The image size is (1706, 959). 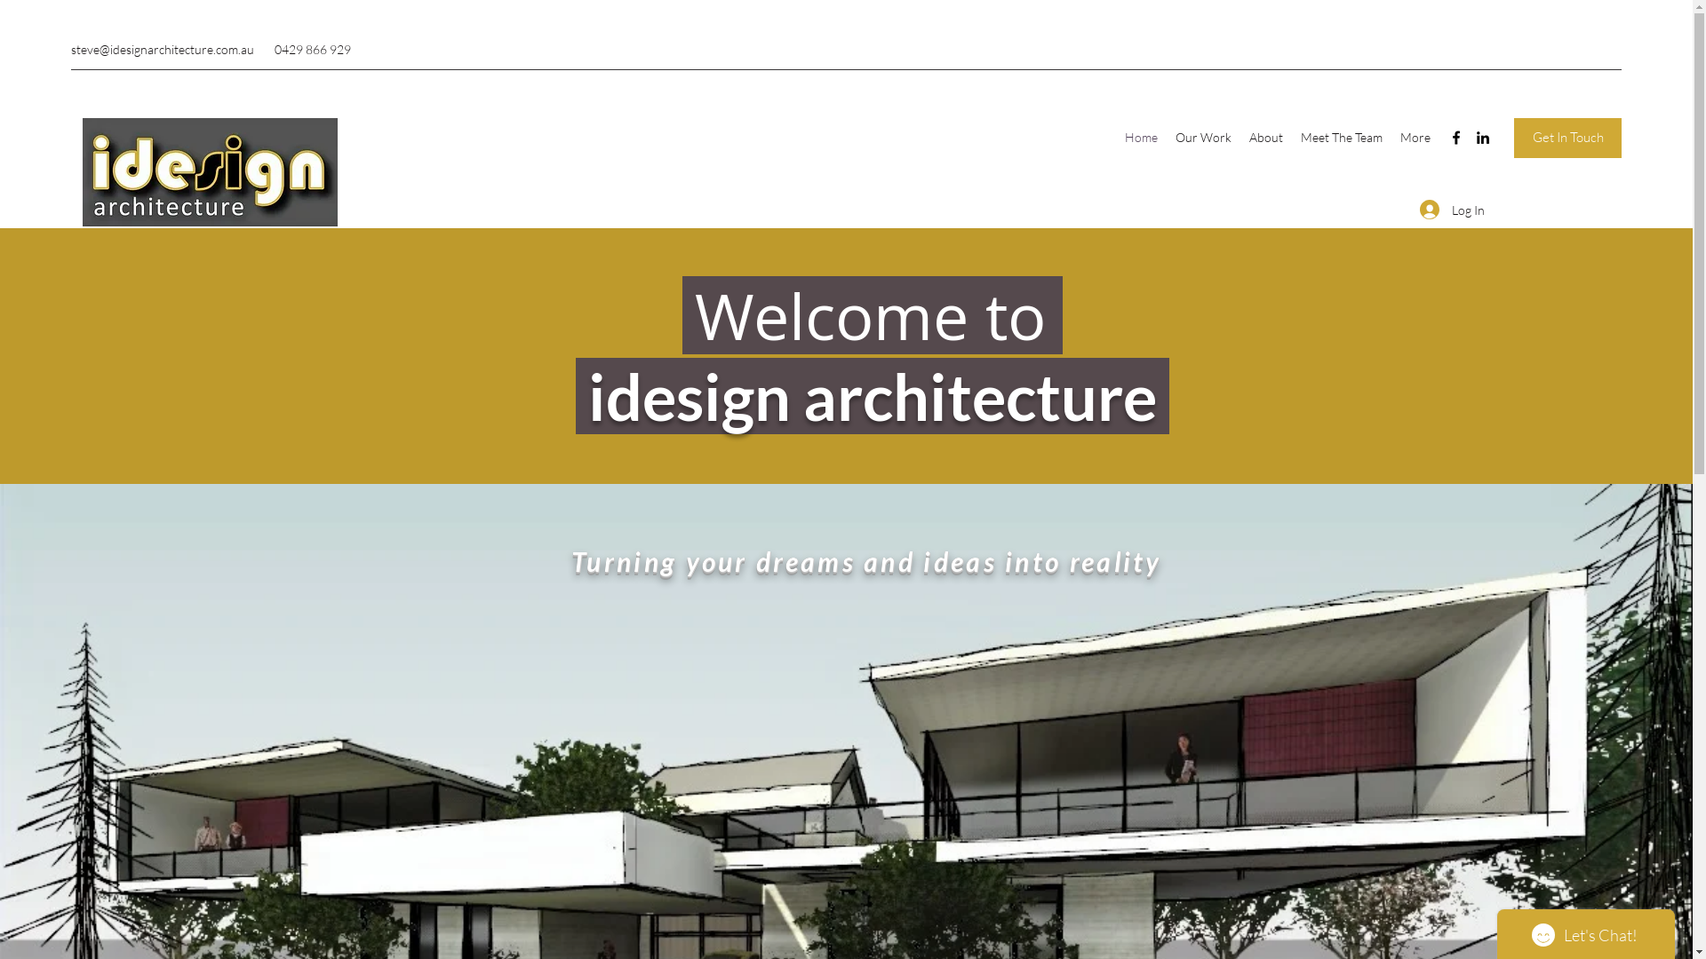 I want to click on 'About', so click(x=1240, y=136).